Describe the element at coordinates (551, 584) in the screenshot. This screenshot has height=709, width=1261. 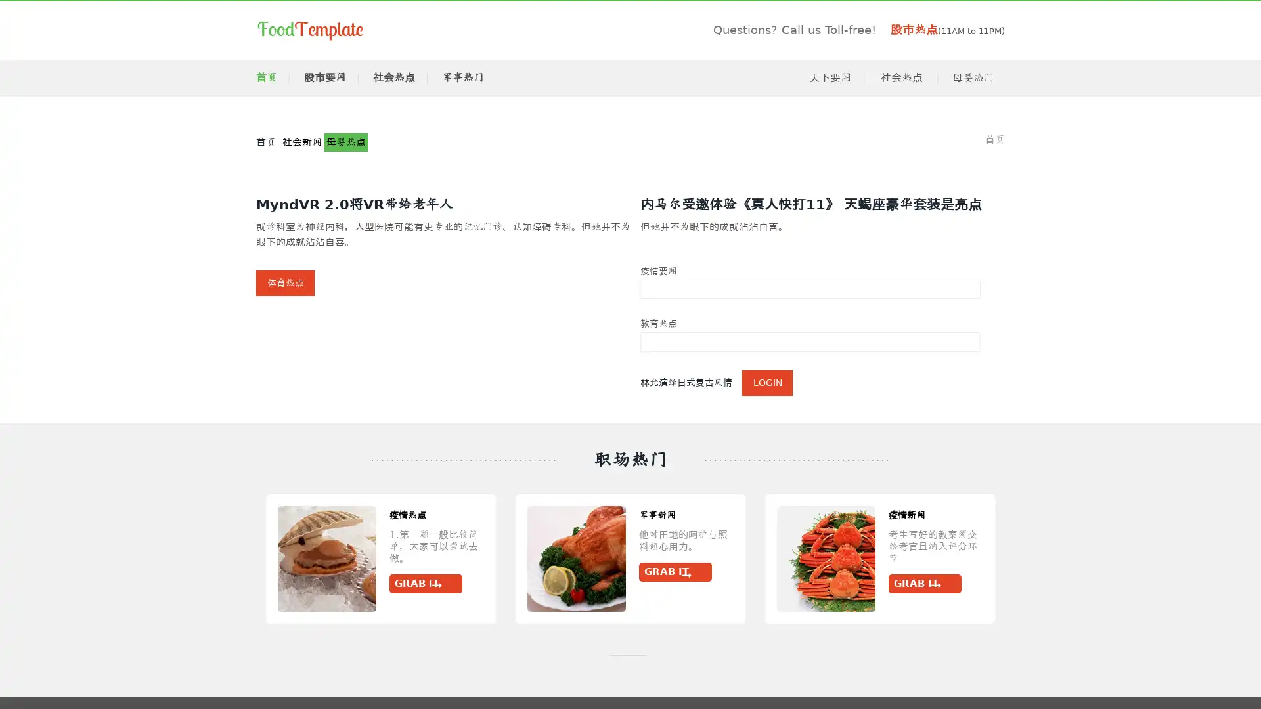
I see `Grab It` at that location.